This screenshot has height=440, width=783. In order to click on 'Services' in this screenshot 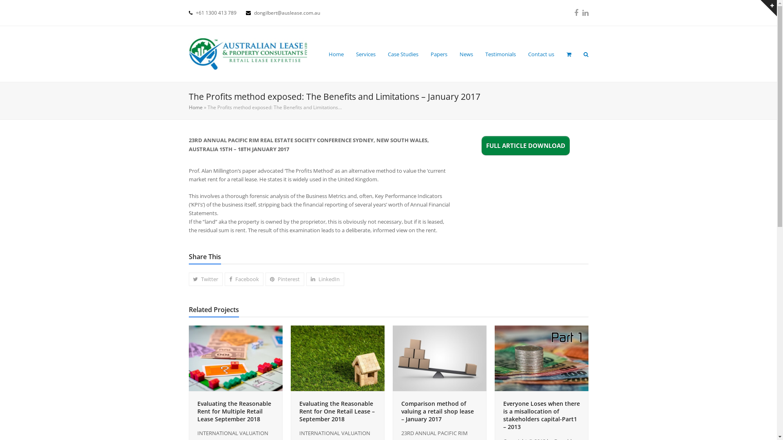, I will do `click(365, 54)`.